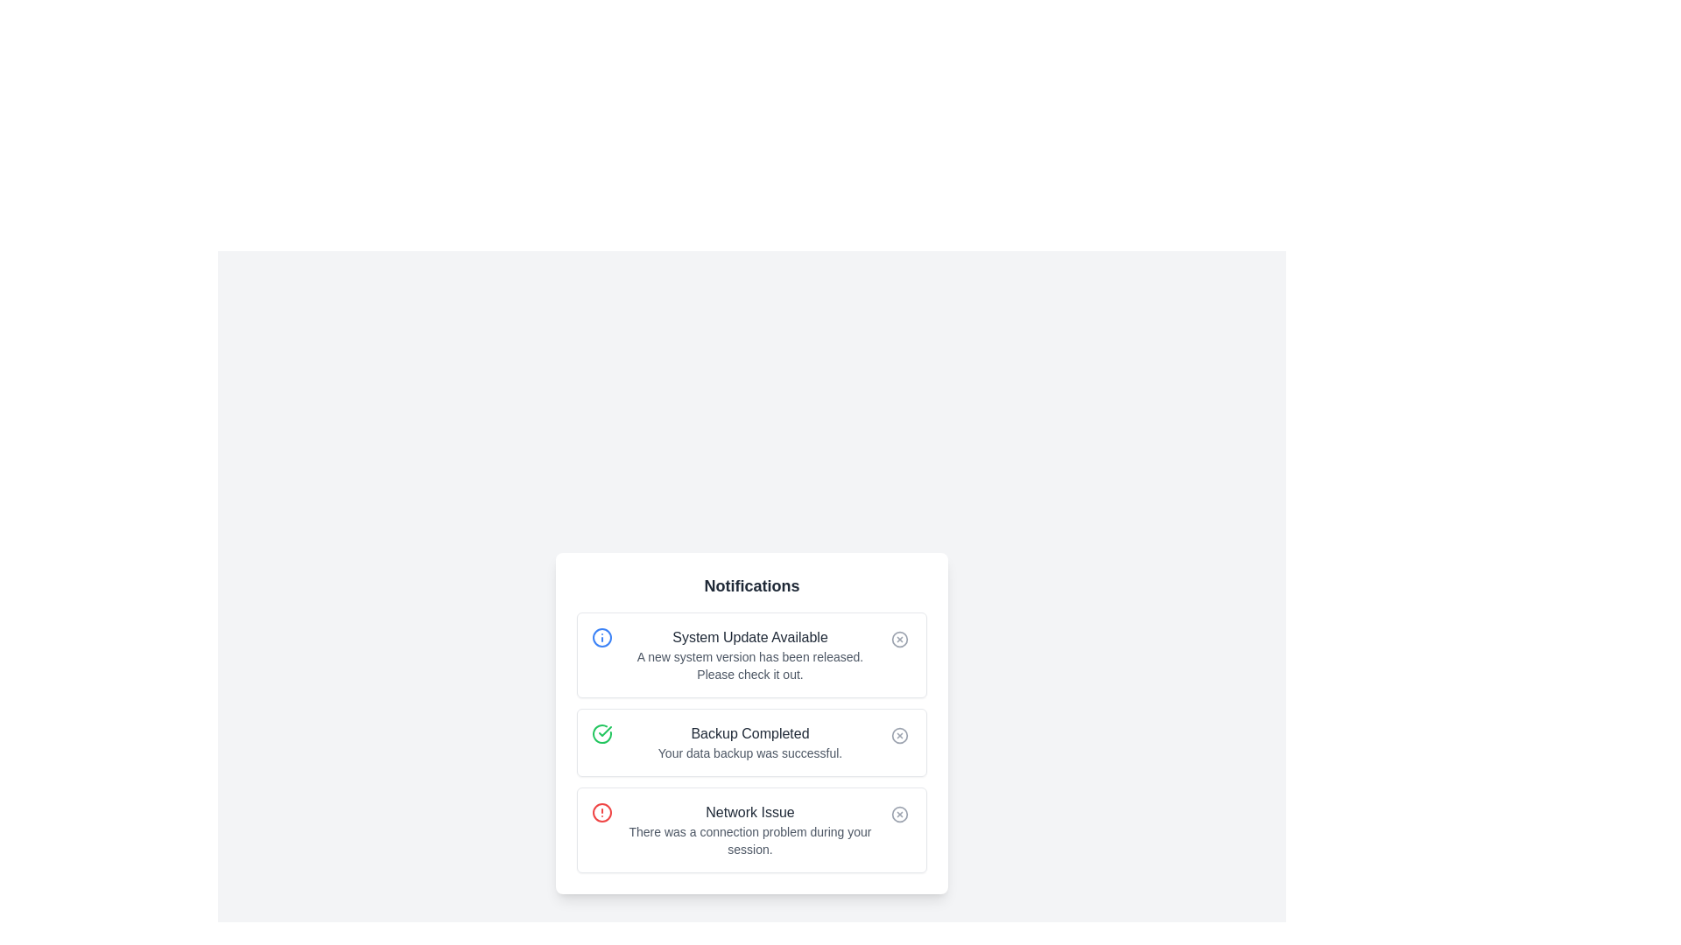 This screenshot has width=1681, height=945. What do you see at coordinates (750, 638) in the screenshot?
I see `the heading text label that notifies the user about the availability of a system update, positioned at the top-center of the notification card` at bounding box center [750, 638].